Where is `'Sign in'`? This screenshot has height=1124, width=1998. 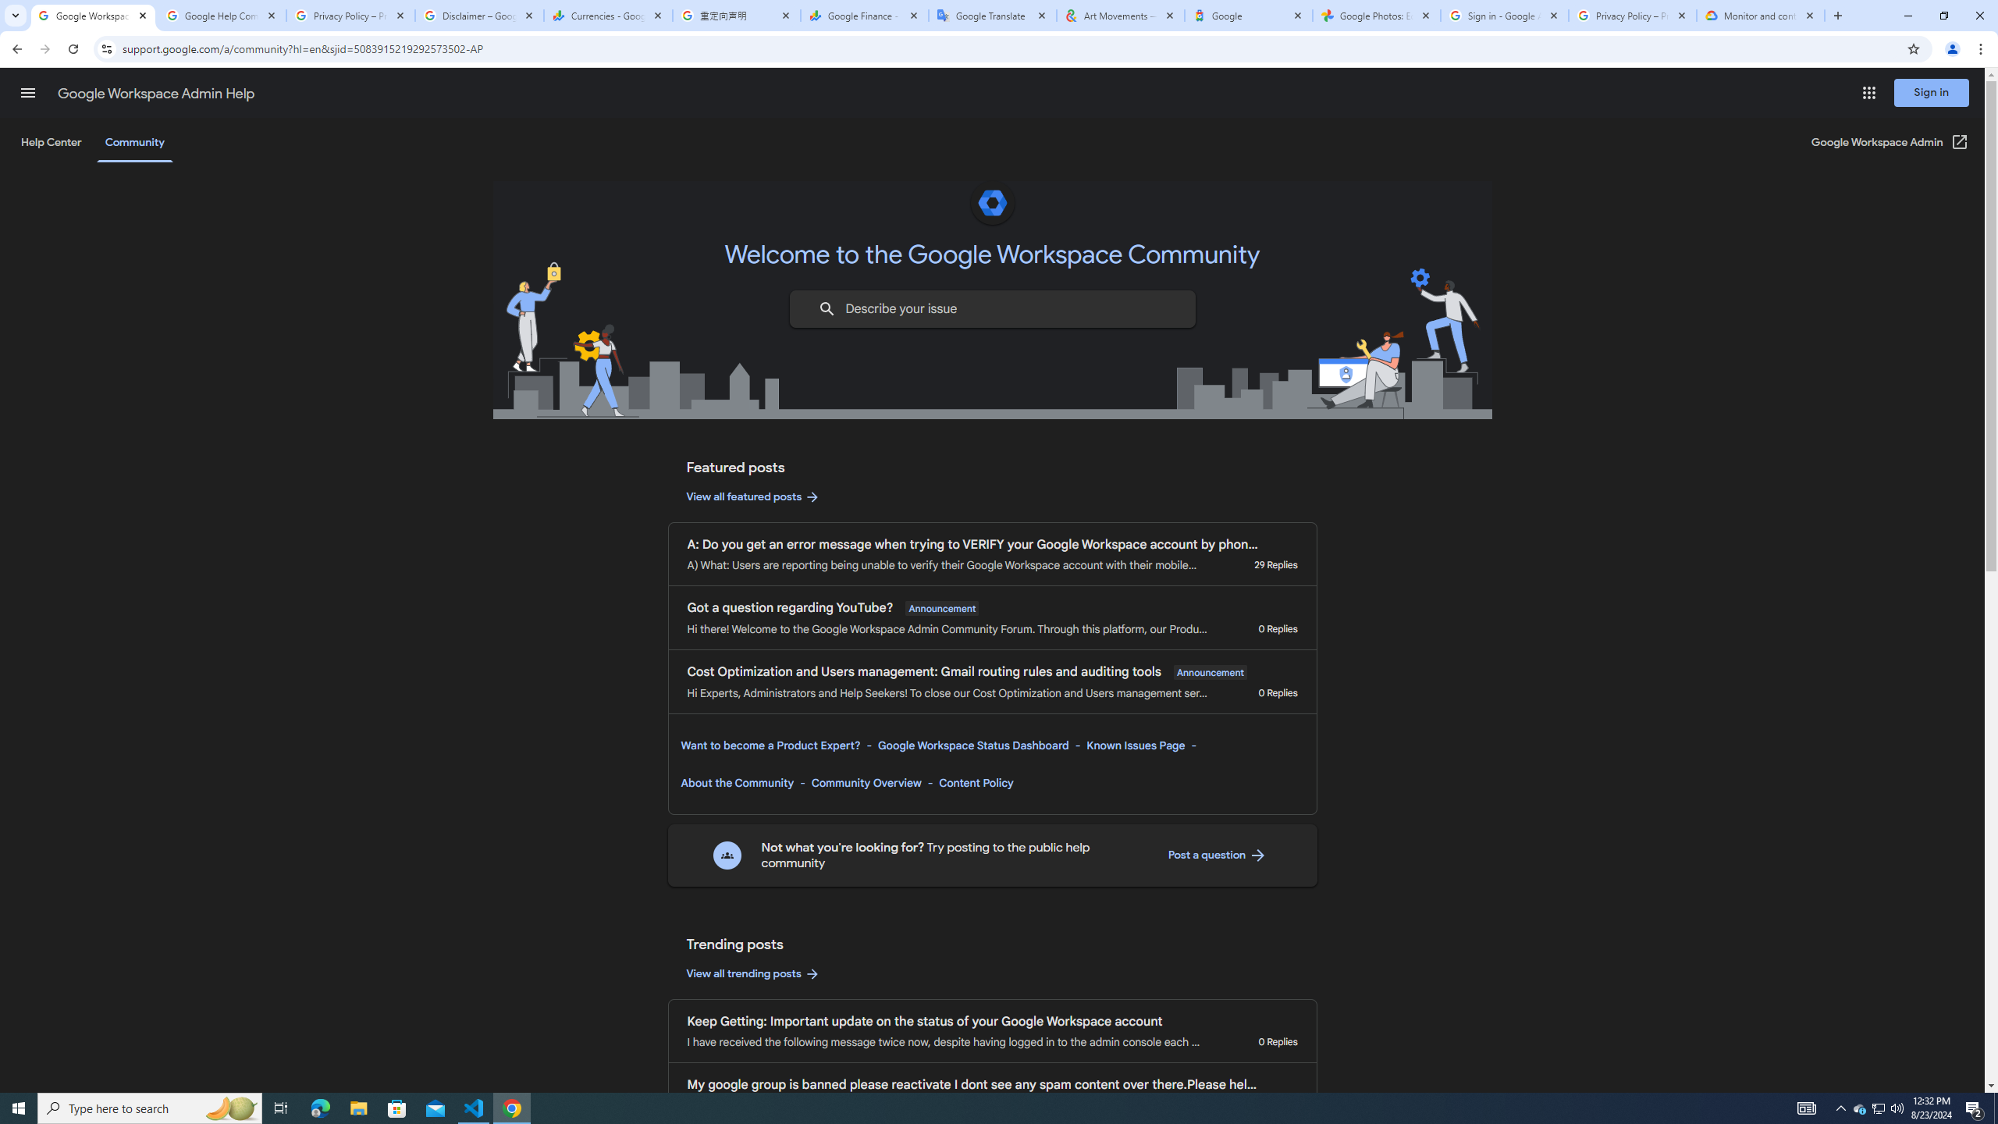 'Sign in' is located at coordinates (1931, 92).